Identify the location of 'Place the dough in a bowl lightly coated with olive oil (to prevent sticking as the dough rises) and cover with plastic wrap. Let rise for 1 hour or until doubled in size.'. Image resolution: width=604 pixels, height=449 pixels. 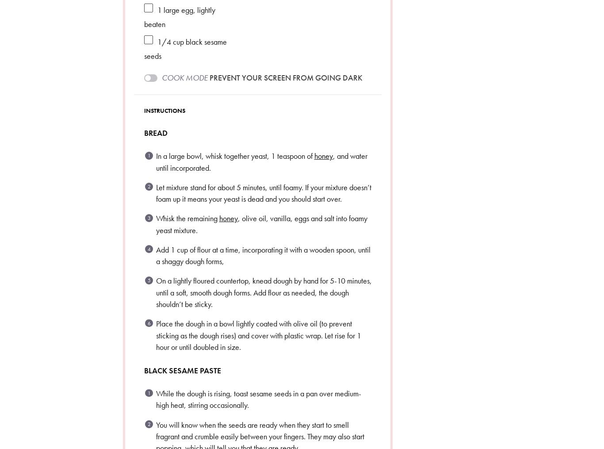
(257, 334).